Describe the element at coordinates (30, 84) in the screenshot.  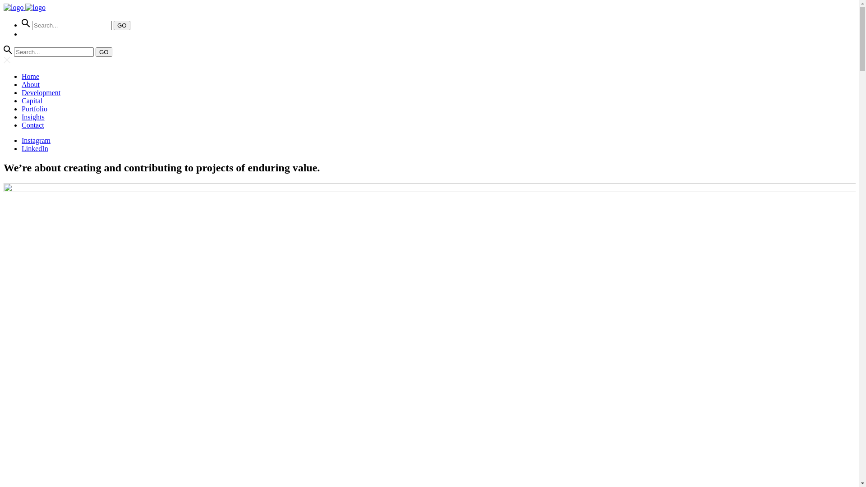
I see `'About'` at that location.